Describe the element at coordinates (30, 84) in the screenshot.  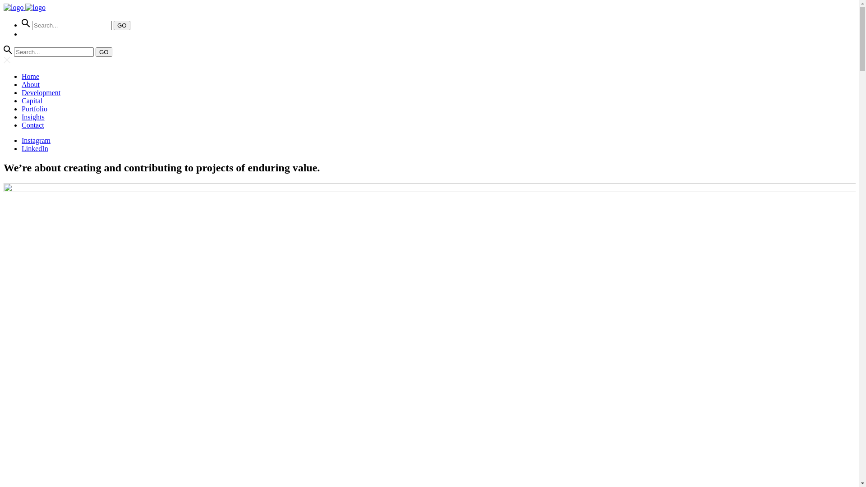
I see `'About'` at that location.